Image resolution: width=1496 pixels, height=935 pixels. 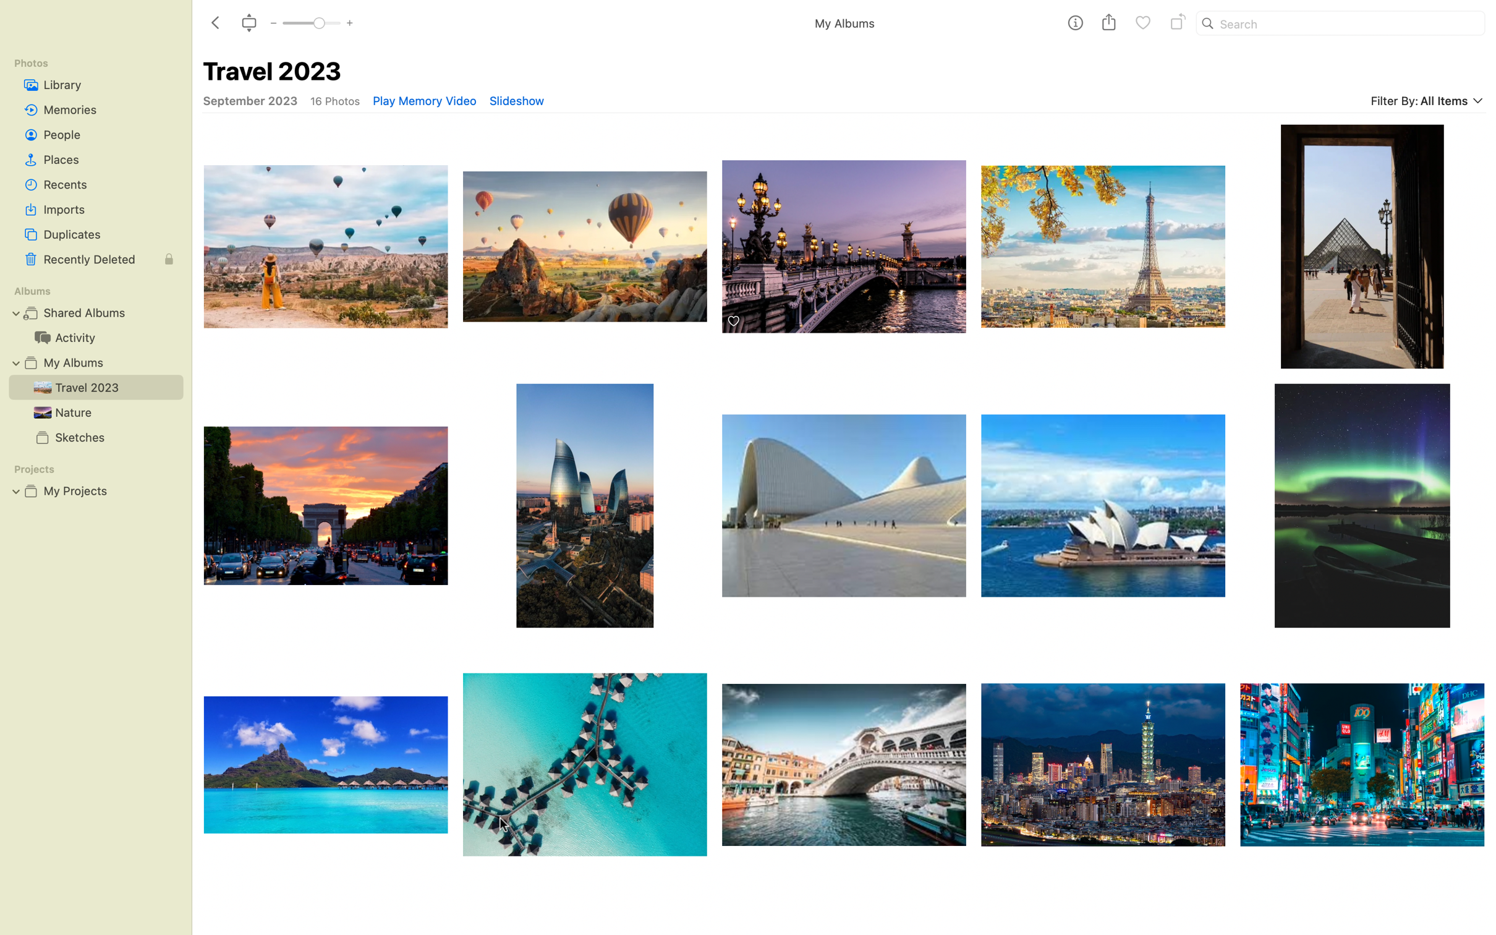 I want to click on picture of arc de triomphe, so click(x=323, y=506).